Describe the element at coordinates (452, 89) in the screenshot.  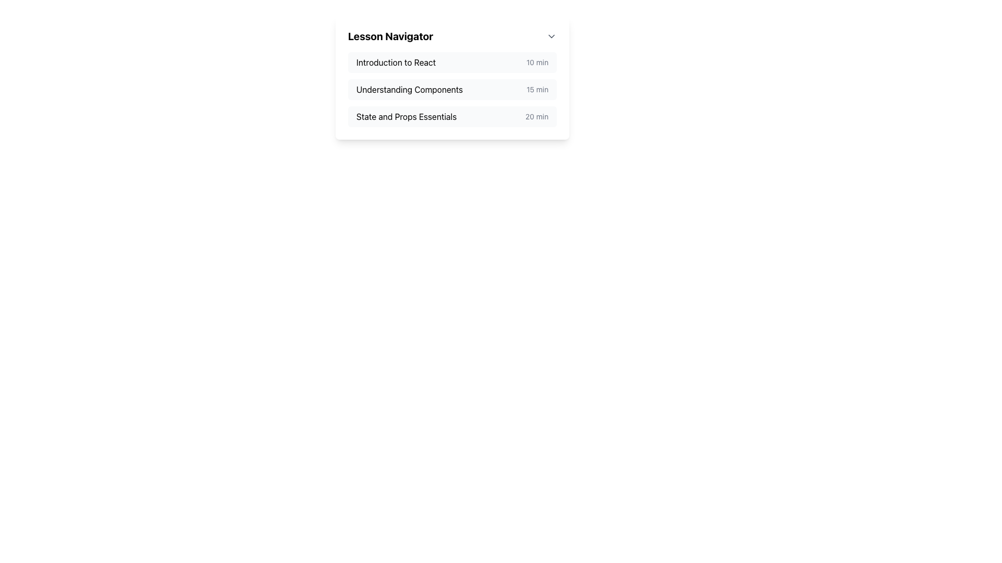
I see `the second lesson item in the 'Lesson Navigator' box` at that location.